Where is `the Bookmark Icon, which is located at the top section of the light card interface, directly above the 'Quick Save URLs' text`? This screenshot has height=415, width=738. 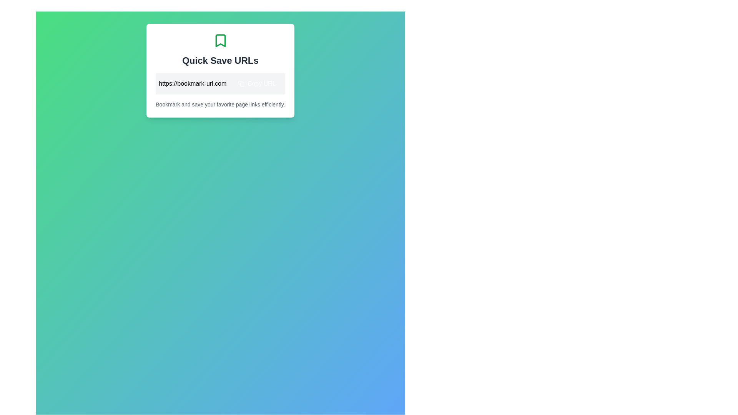
the Bookmark Icon, which is located at the top section of the light card interface, directly above the 'Quick Save URLs' text is located at coordinates (220, 40).